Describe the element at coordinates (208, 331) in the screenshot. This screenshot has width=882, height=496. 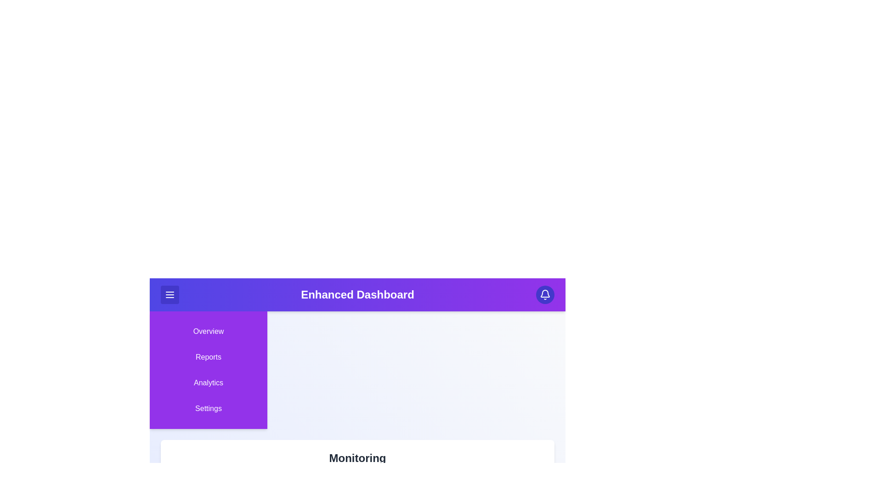
I see `the sidebar menu item Overview to navigate to its section` at that location.